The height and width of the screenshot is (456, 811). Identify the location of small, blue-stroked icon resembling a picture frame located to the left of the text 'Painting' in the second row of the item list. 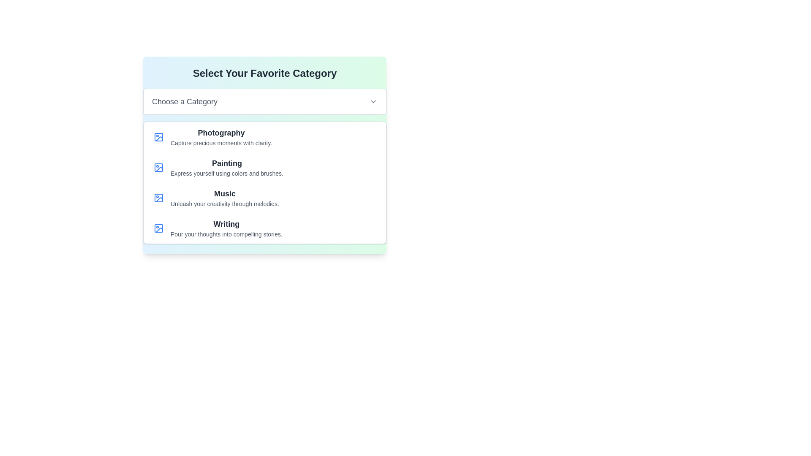
(159, 169).